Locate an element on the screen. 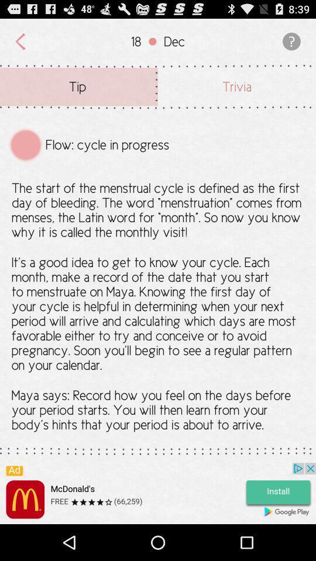 This screenshot has height=561, width=316. the icon which is to the right side of the dec is located at coordinates (289, 41).